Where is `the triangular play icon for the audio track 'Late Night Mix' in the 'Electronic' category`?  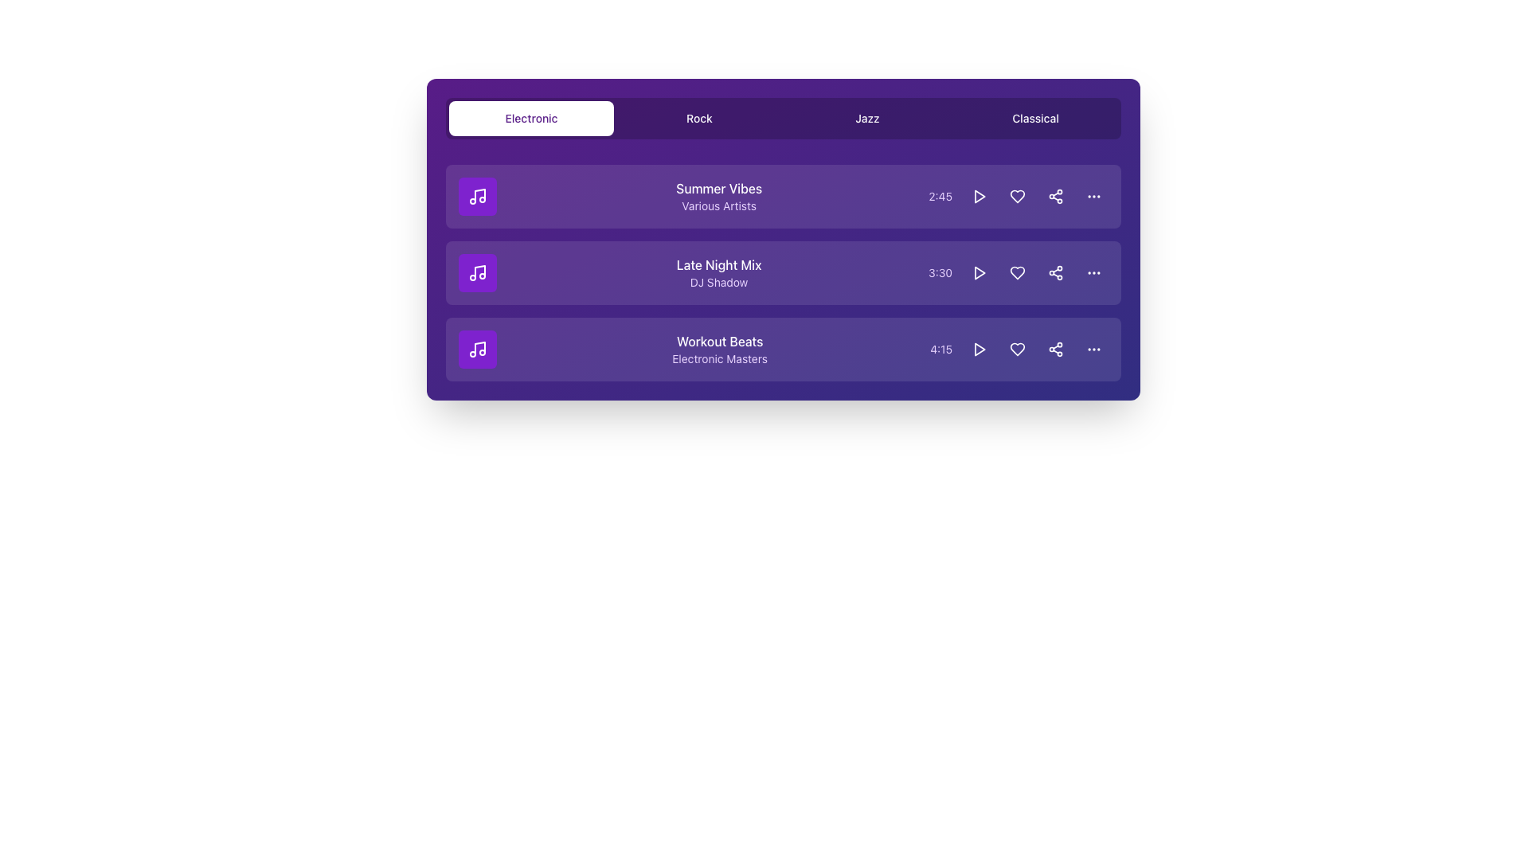 the triangular play icon for the audio track 'Late Night Mix' in the 'Electronic' category is located at coordinates (979, 272).